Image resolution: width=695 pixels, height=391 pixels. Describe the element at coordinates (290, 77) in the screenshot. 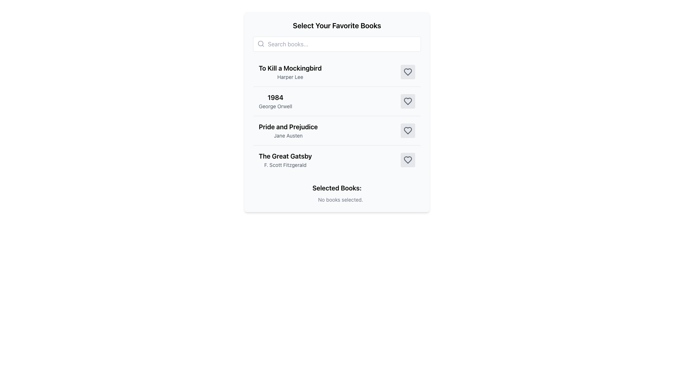

I see `the text label displaying the author's name for the book 'To Kill a Mockingbird', which is located underneath the book title in the center of the interface` at that location.